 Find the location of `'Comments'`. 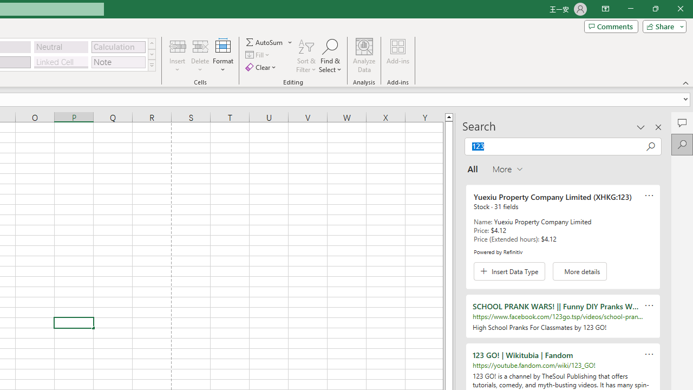

'Comments' is located at coordinates (611, 25).